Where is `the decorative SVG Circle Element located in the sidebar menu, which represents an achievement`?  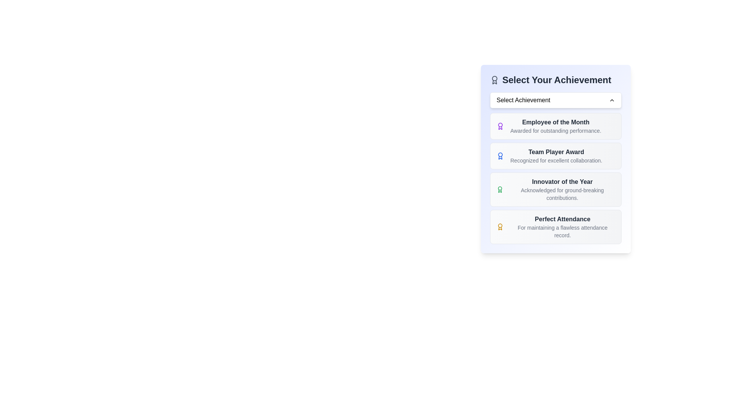
the decorative SVG Circle Element located in the sidebar menu, which represents an achievement is located at coordinates (500, 154).